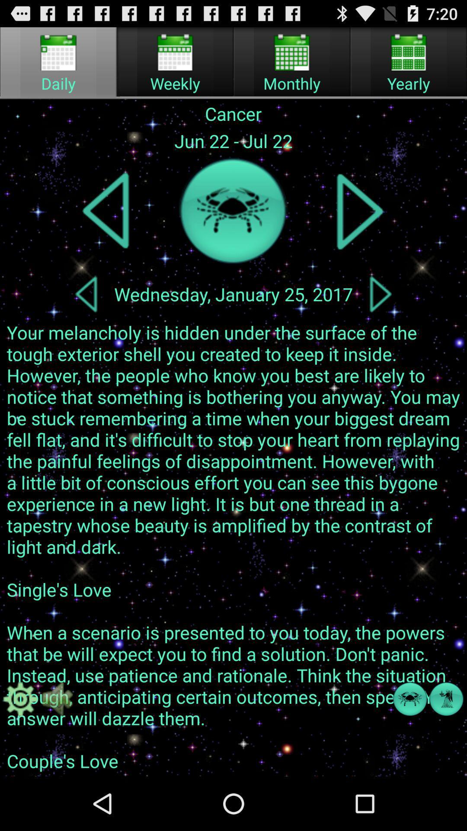 The image size is (467, 831). I want to click on the settings icon, so click(20, 747).